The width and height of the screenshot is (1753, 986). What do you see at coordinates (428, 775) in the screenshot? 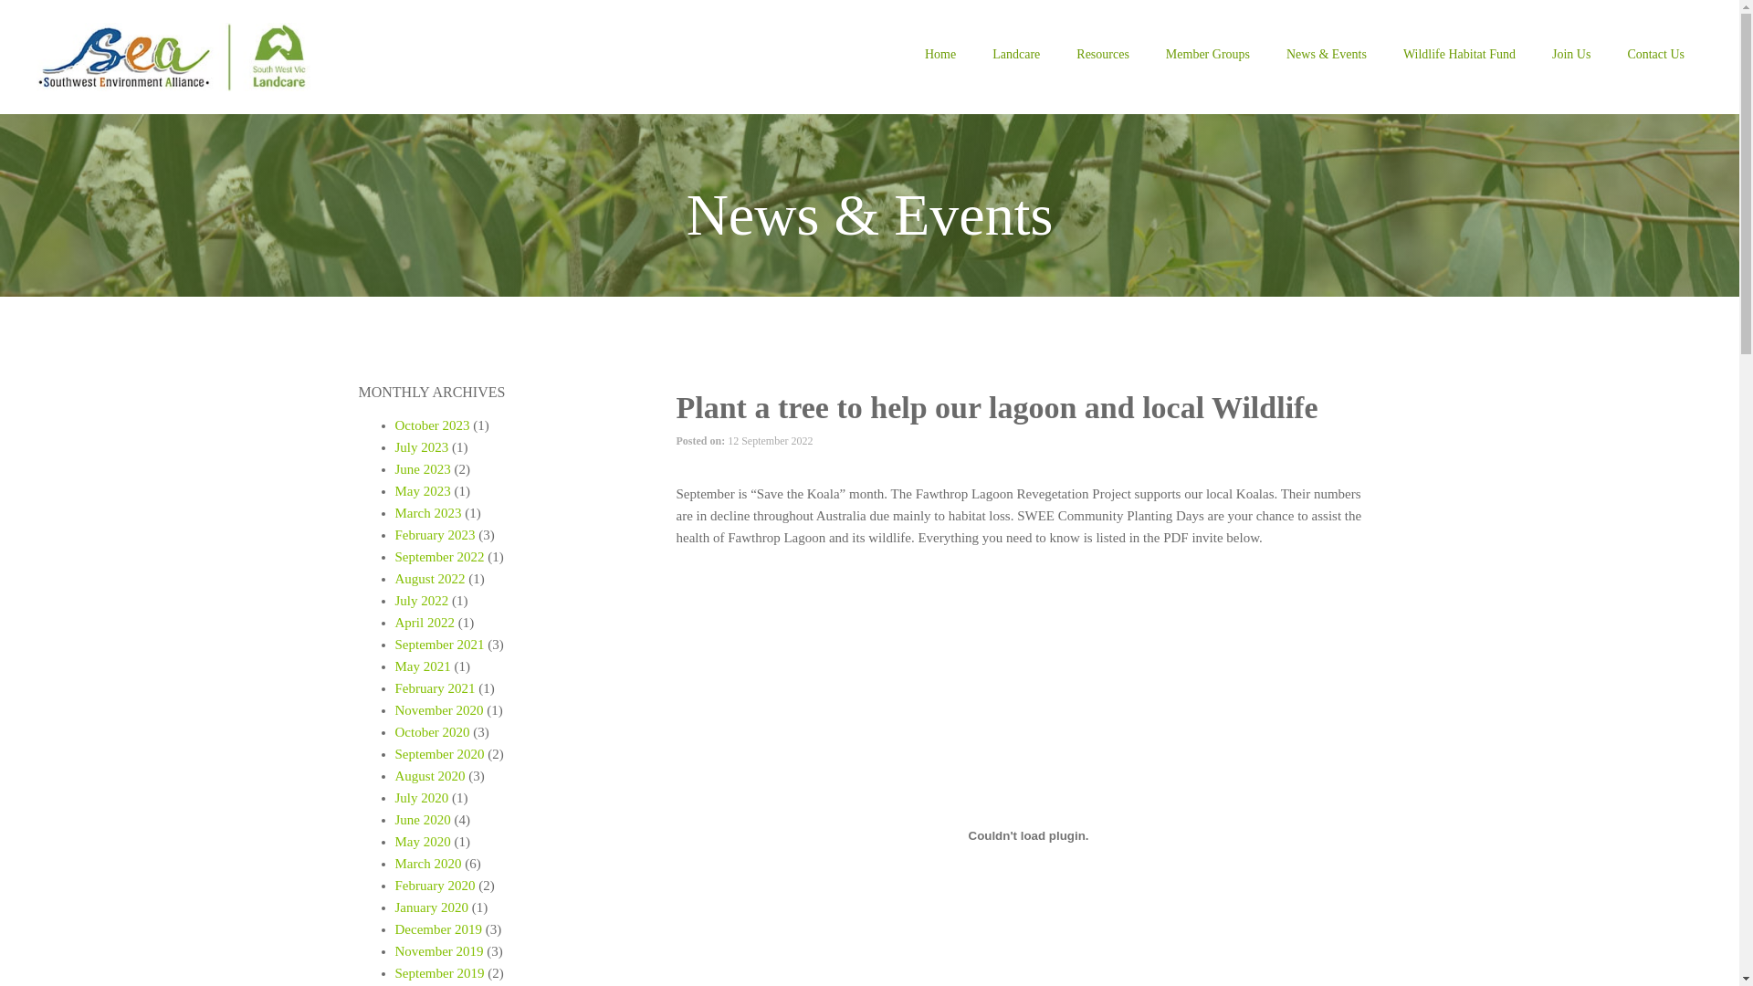
I see `'August 2020'` at bounding box center [428, 775].